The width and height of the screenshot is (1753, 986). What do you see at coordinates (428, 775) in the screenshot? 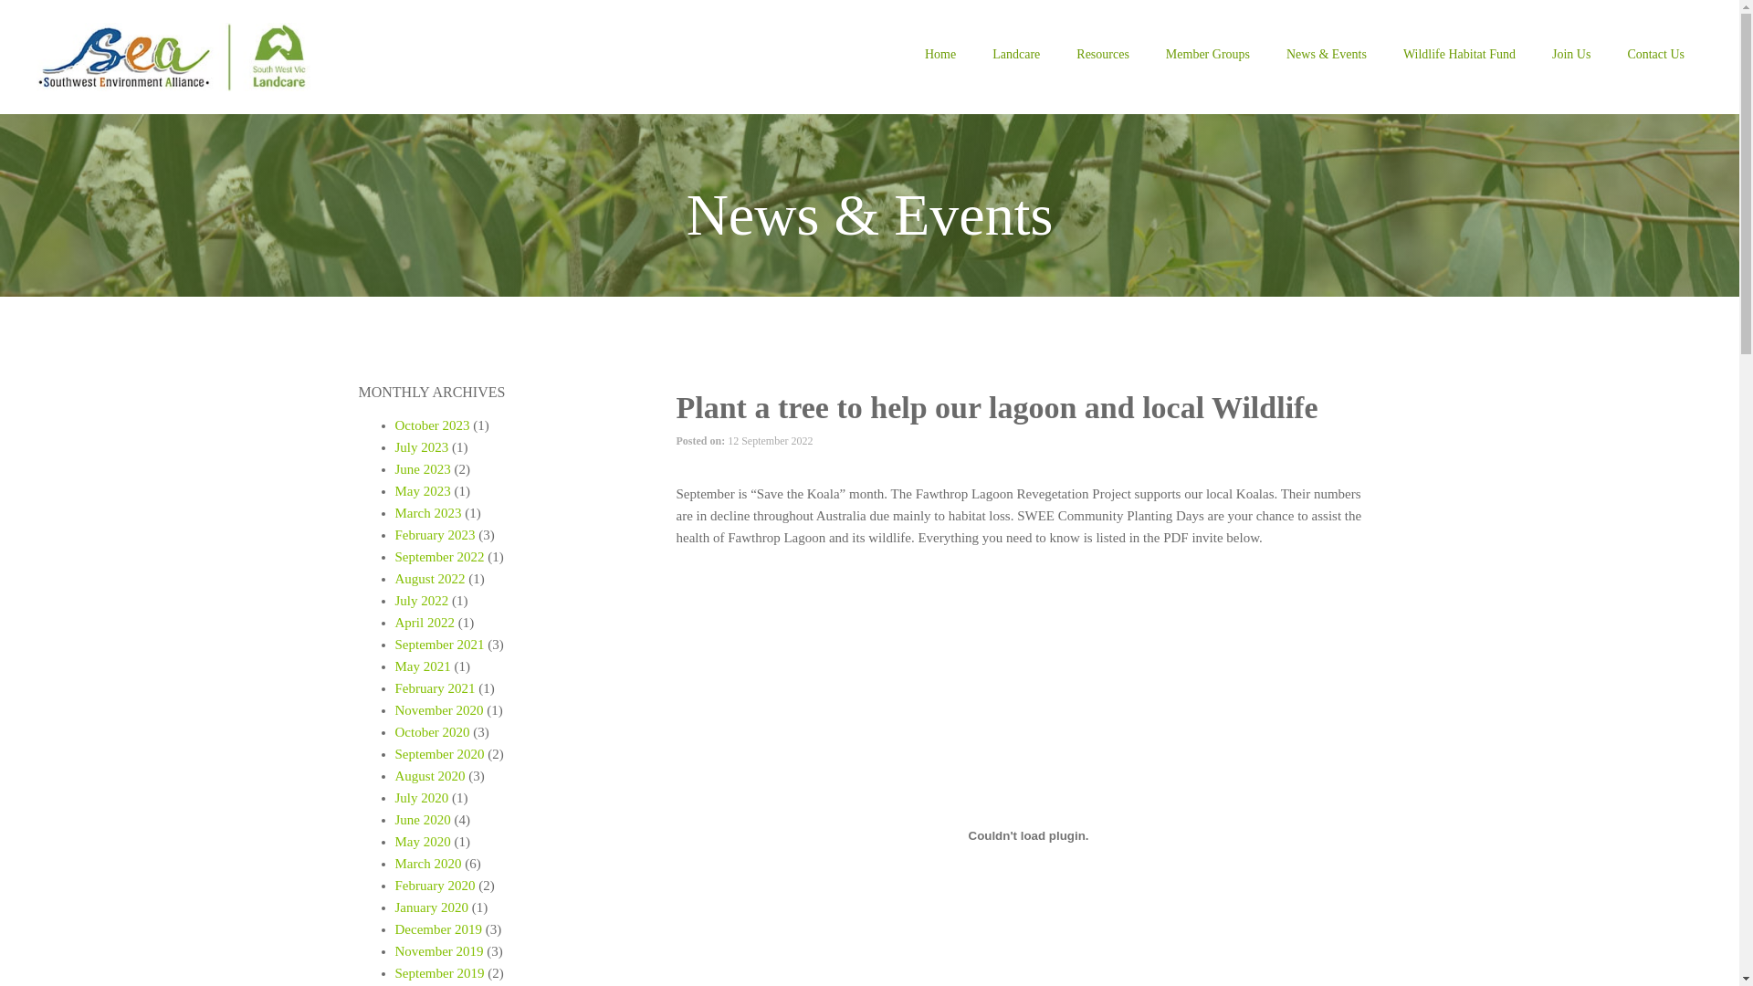
I see `'August 2020'` at bounding box center [428, 775].